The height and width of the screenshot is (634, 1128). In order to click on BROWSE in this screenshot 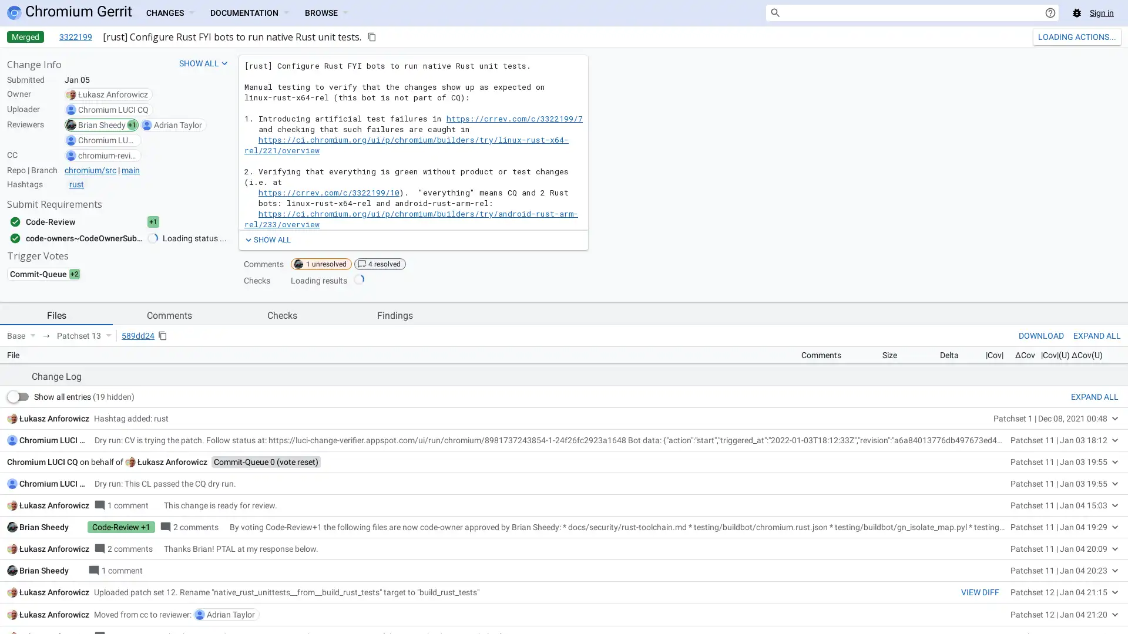, I will do `click(326, 13)`.